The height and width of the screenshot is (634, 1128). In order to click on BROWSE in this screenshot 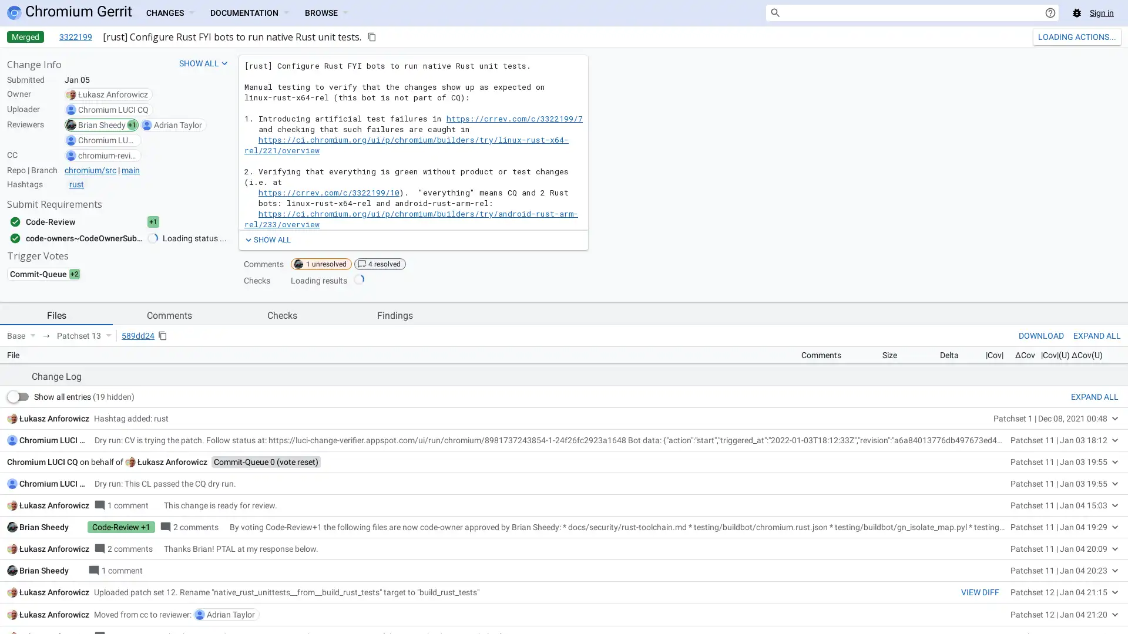, I will do `click(326, 13)`.